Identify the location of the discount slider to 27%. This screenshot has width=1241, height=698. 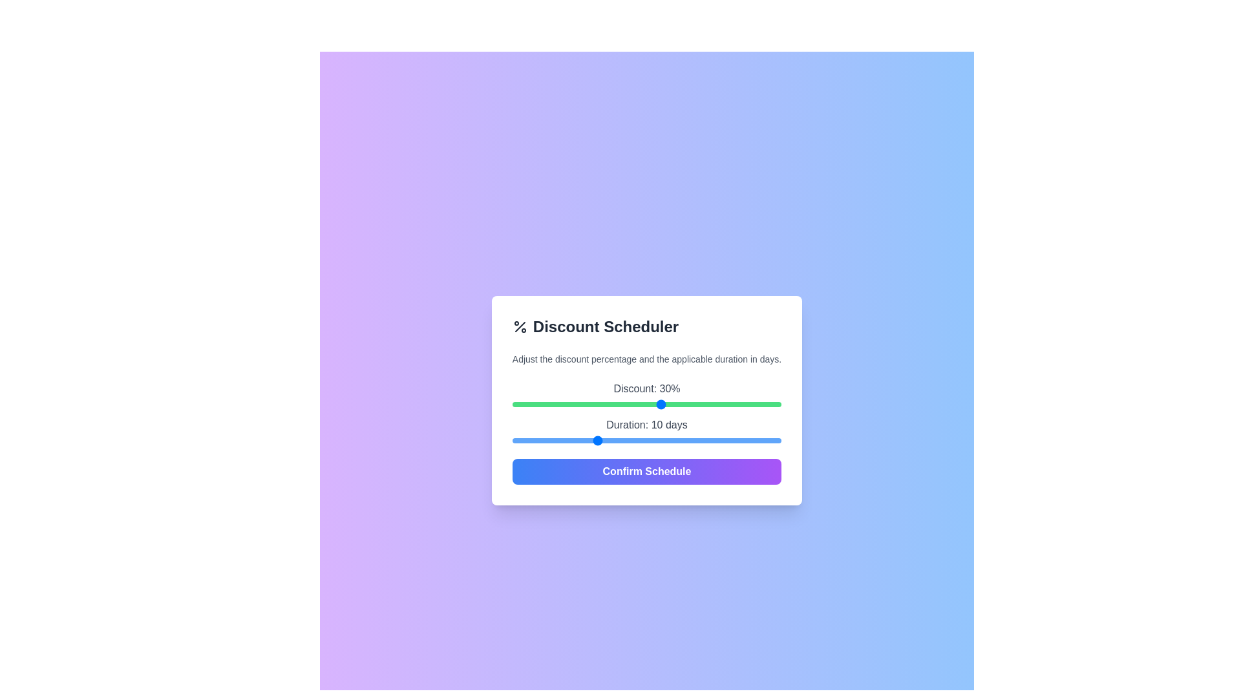
(644, 403).